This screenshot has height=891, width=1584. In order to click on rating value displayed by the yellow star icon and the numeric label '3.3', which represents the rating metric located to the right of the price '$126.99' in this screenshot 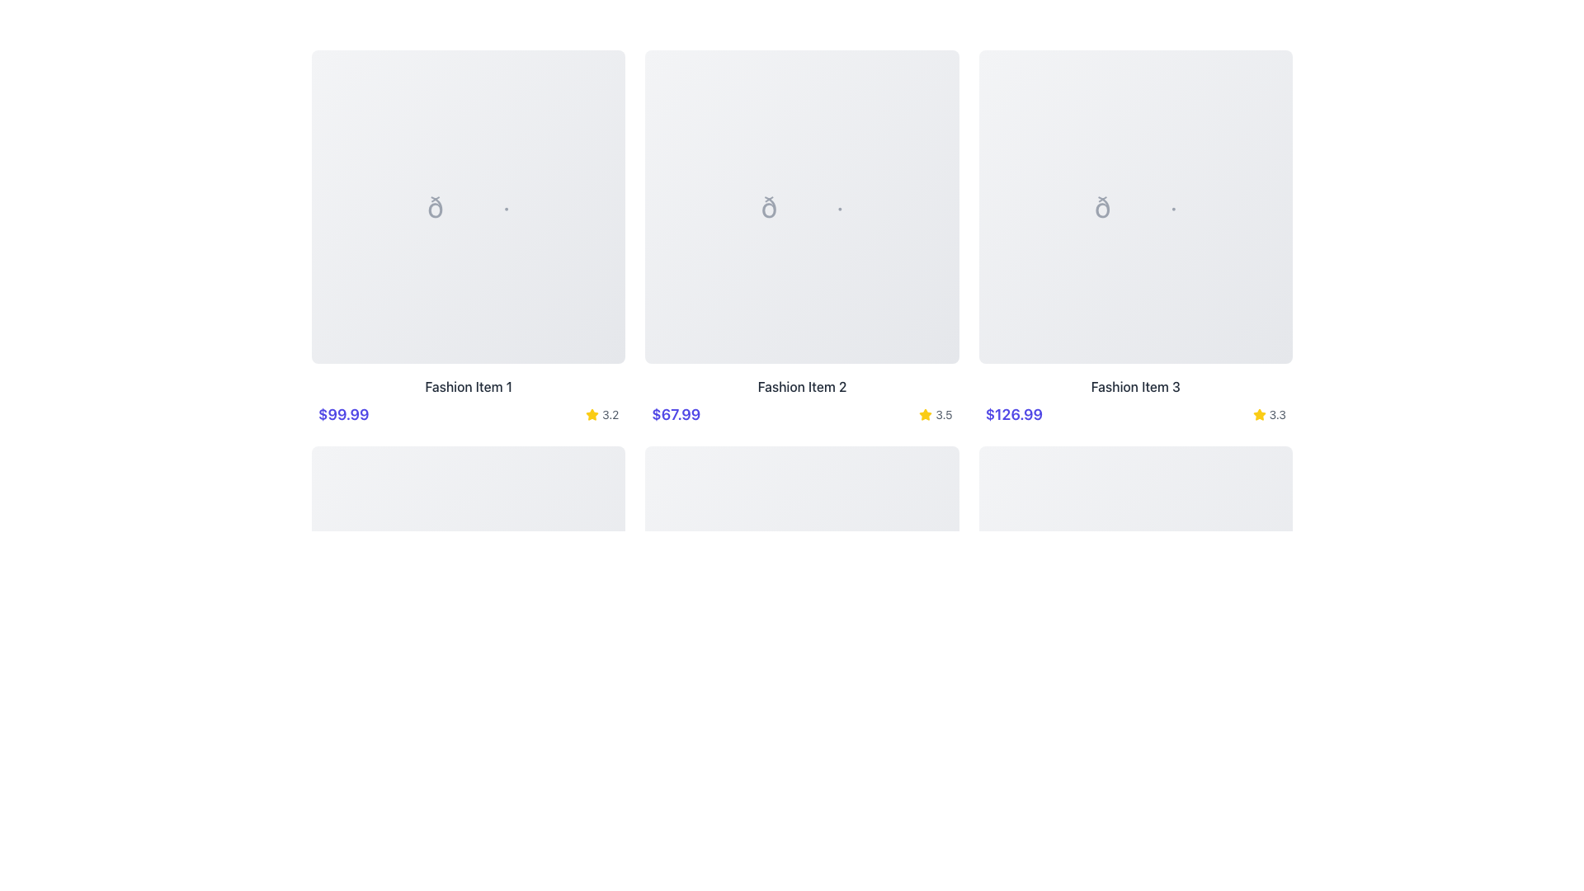, I will do `click(1268, 414)`.